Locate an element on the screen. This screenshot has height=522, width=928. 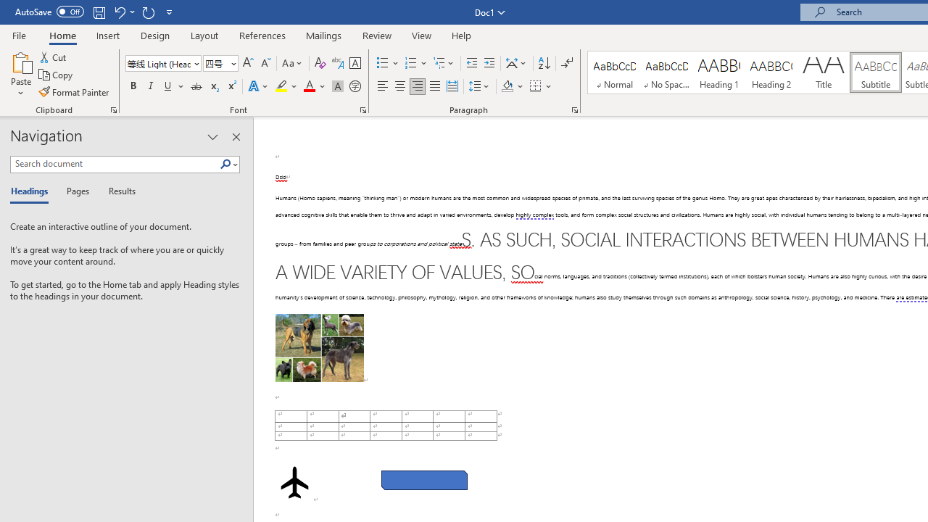
'Align Left' is located at coordinates (383, 86).